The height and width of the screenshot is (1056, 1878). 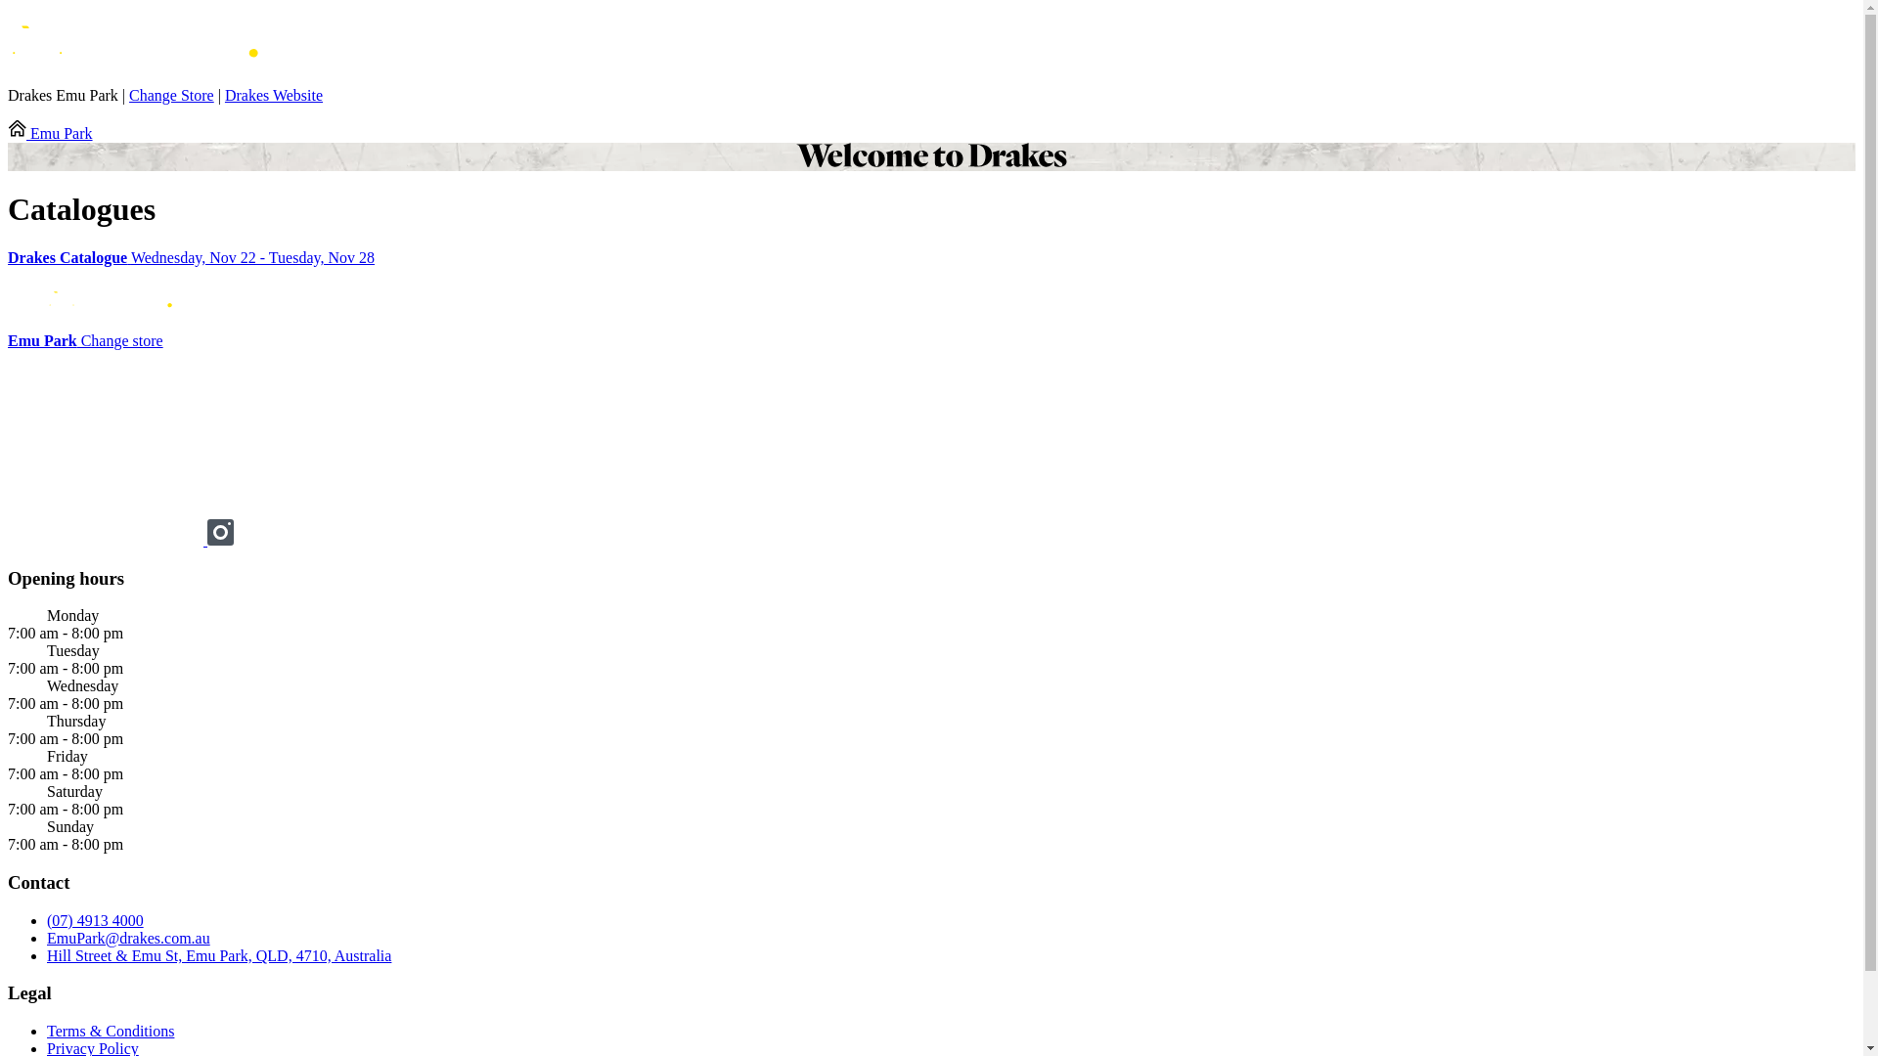 What do you see at coordinates (110, 1030) in the screenshot?
I see `'Terms & Conditions'` at bounding box center [110, 1030].